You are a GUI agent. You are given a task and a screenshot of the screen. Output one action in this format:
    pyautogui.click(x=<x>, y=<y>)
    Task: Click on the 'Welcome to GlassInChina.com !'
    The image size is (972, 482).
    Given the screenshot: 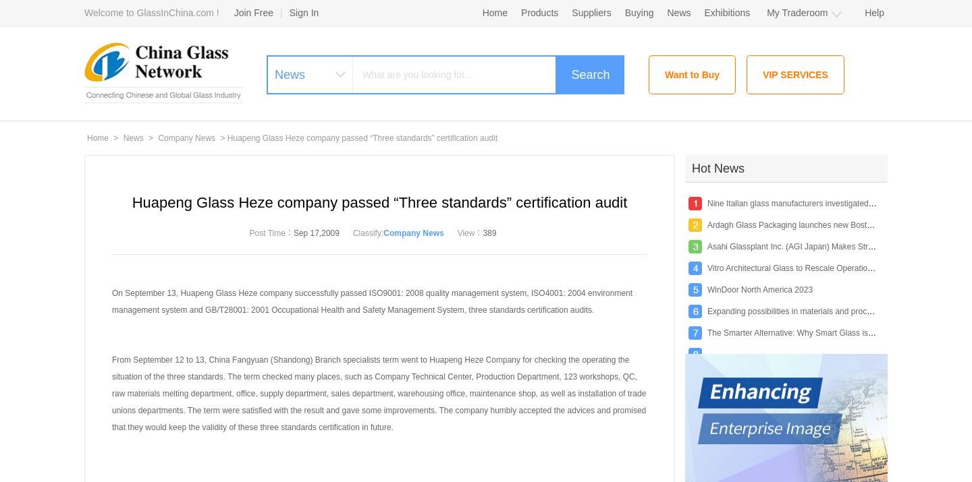 What is the action you would take?
    pyautogui.click(x=83, y=13)
    